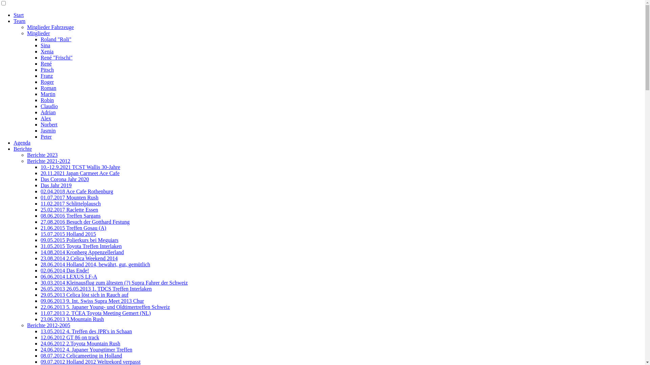 The height and width of the screenshot is (365, 650). What do you see at coordinates (40, 112) in the screenshot?
I see `'Adrian'` at bounding box center [40, 112].